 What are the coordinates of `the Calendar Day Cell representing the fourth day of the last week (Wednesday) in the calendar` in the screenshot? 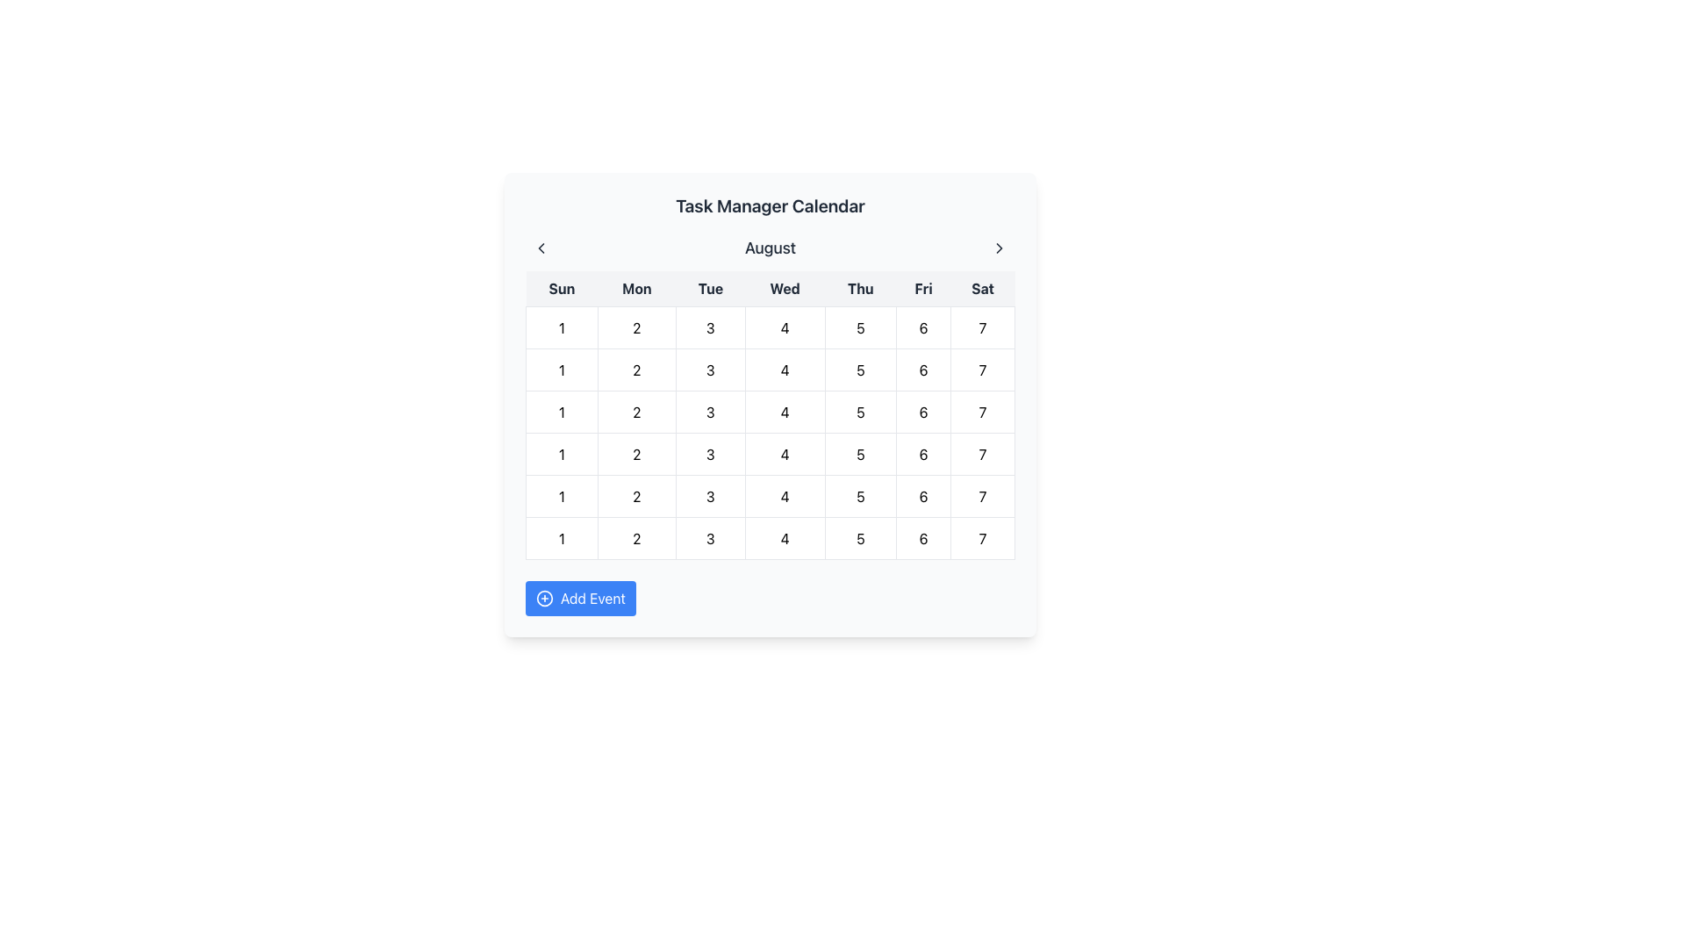 It's located at (771, 537).